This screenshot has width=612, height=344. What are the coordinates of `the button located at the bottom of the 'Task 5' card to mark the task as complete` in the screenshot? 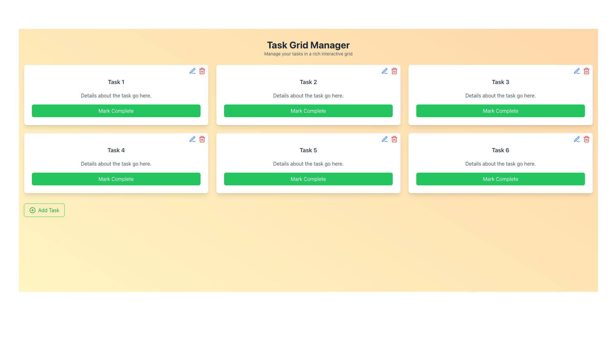 It's located at (308, 179).